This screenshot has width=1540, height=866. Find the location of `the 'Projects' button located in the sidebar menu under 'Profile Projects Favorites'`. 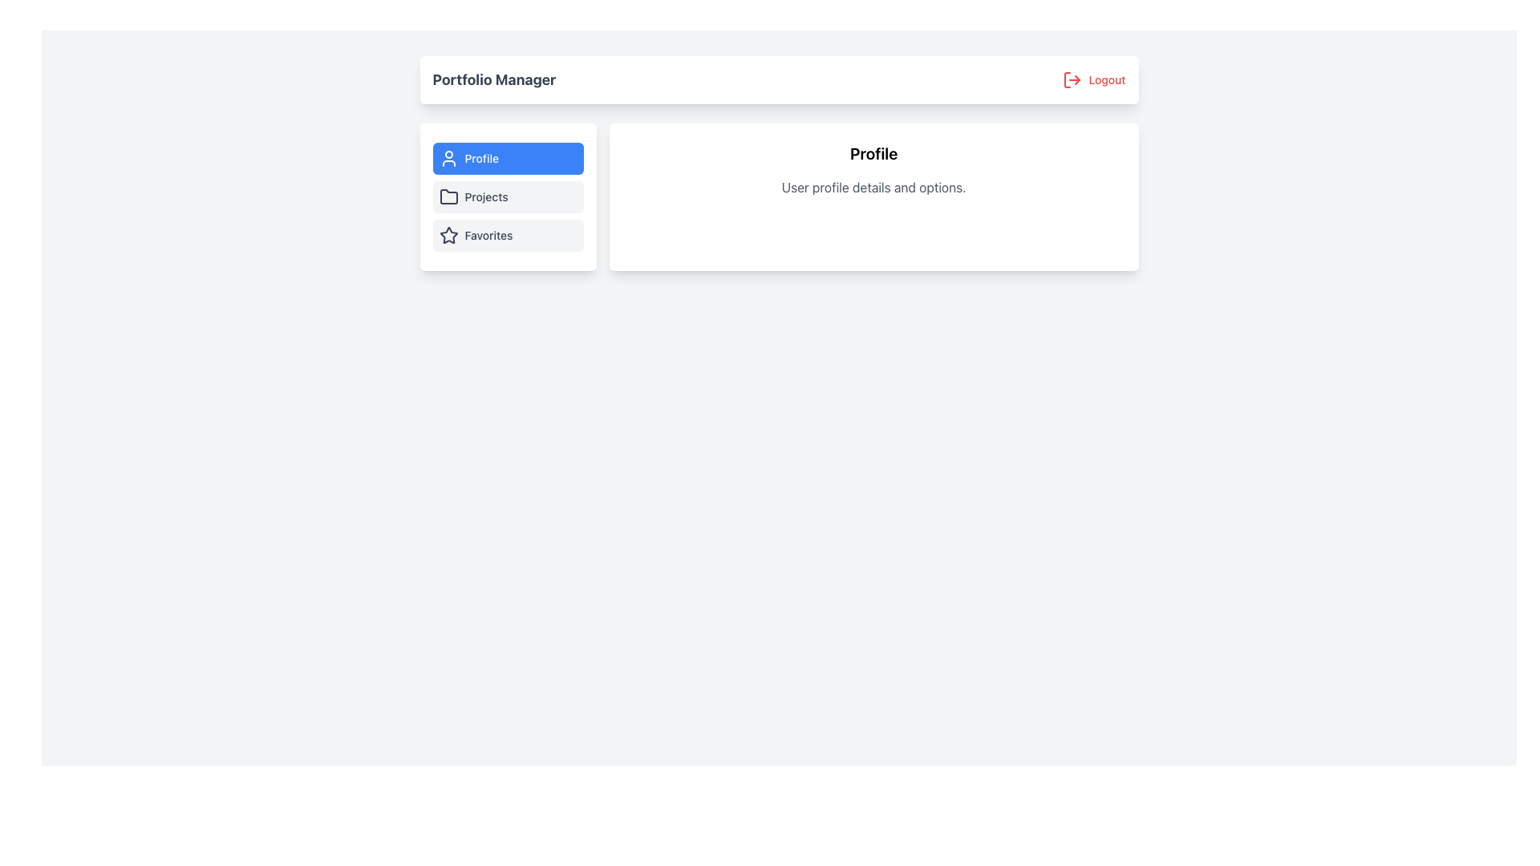

the 'Projects' button located in the sidebar menu under 'Profile Projects Favorites' is located at coordinates (507, 196).